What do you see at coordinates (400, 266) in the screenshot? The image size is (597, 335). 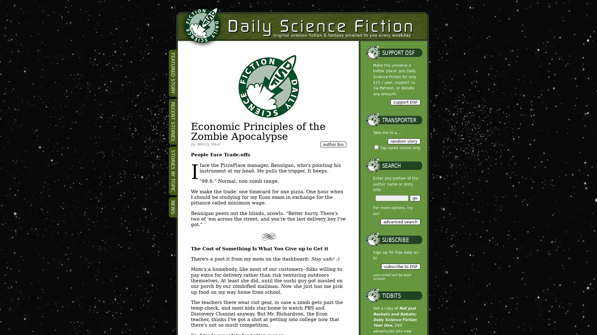 I see `subscribe to DSF` at bounding box center [400, 266].